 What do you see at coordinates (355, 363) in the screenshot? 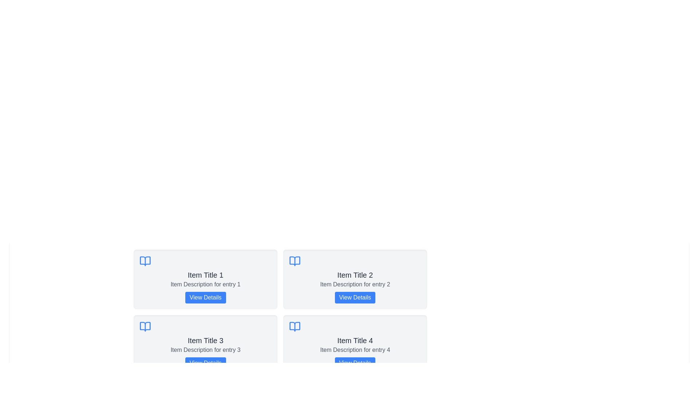
I see `the button located beneath the text 'Item Description for entry 4'` at bounding box center [355, 363].